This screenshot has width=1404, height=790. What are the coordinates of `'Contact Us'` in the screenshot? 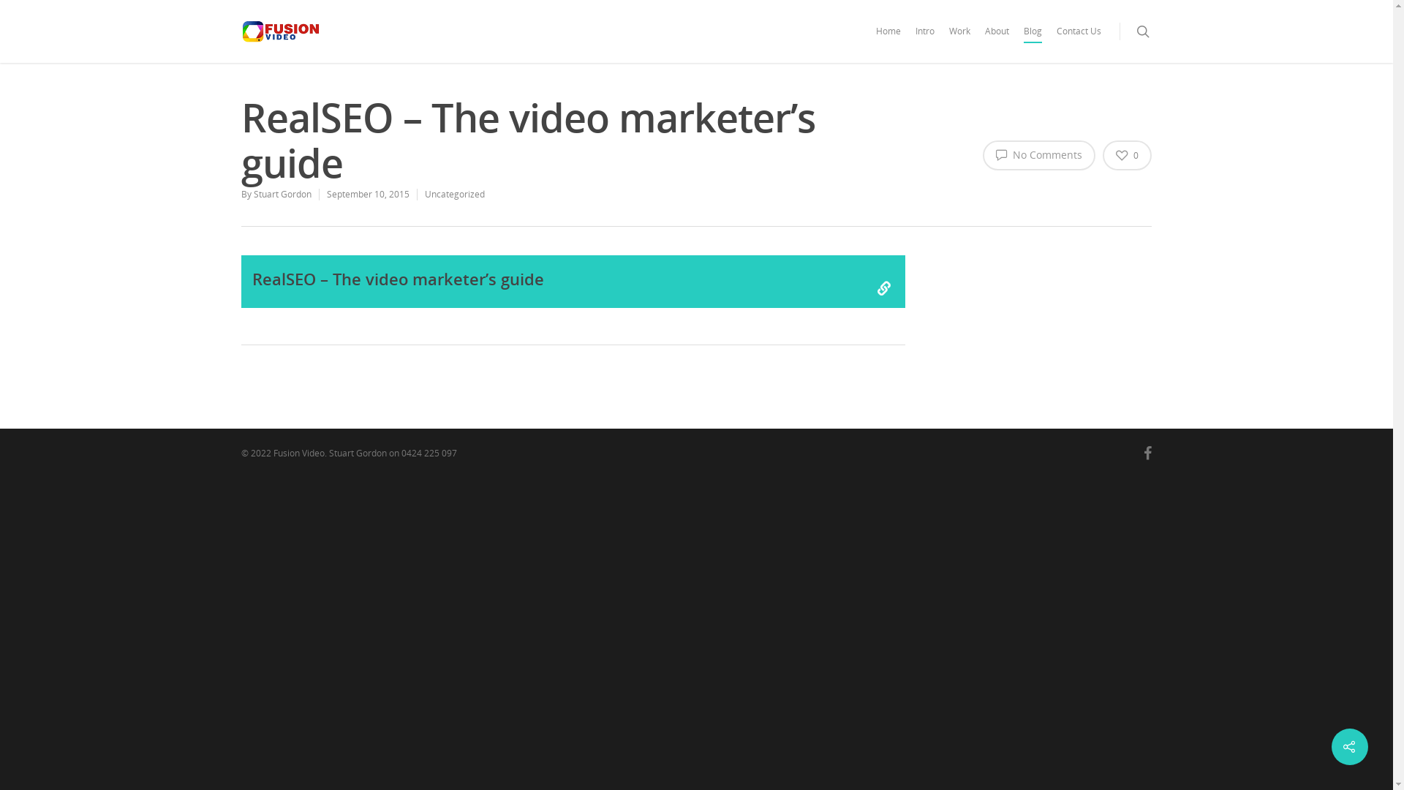 It's located at (1079, 41).